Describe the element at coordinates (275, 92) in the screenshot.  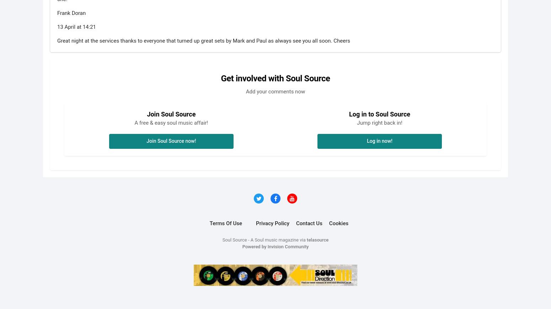
I see `'Add your comments now'` at that location.